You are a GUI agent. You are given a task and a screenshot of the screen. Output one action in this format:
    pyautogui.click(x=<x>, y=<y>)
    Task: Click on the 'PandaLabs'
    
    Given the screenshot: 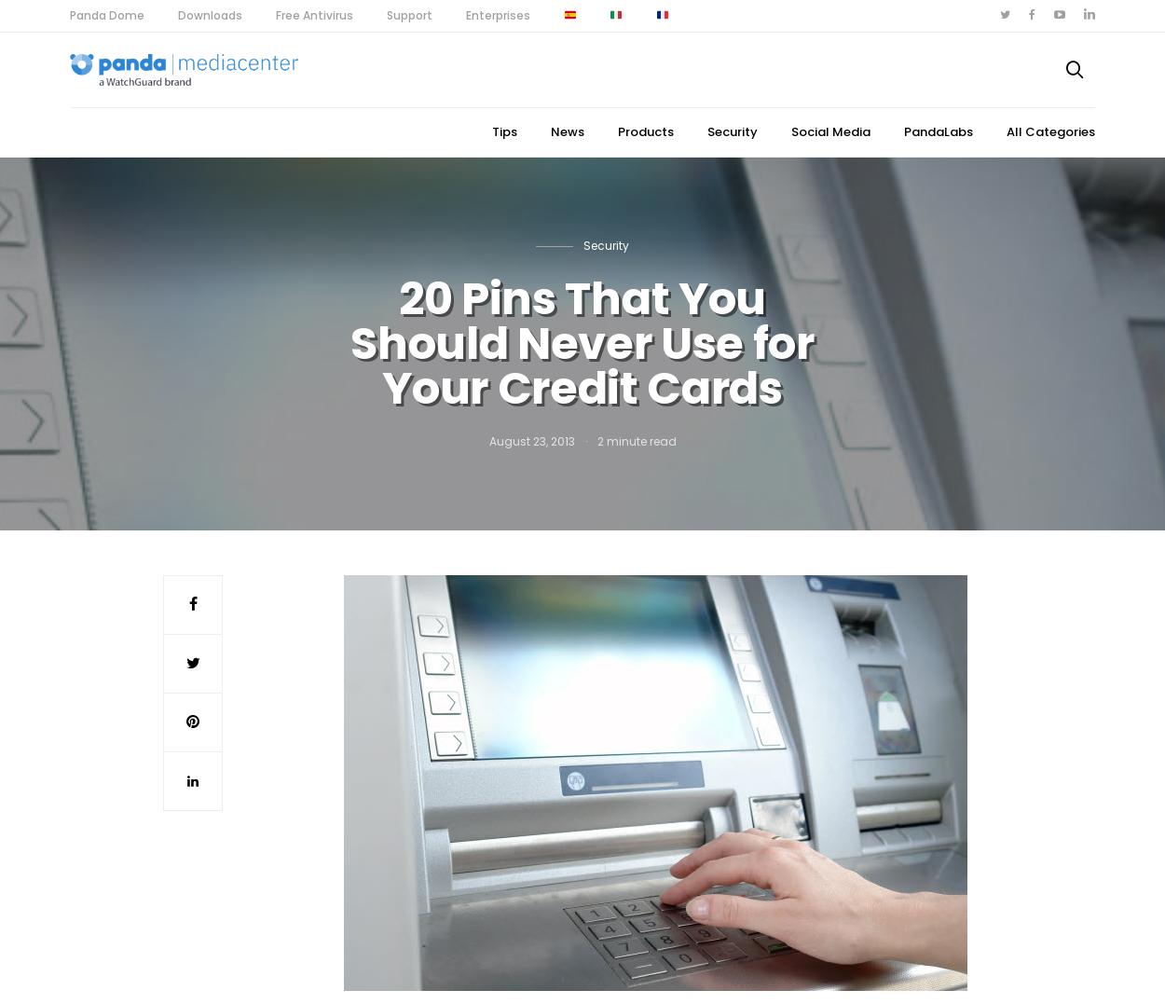 What is the action you would take?
    pyautogui.click(x=939, y=131)
    